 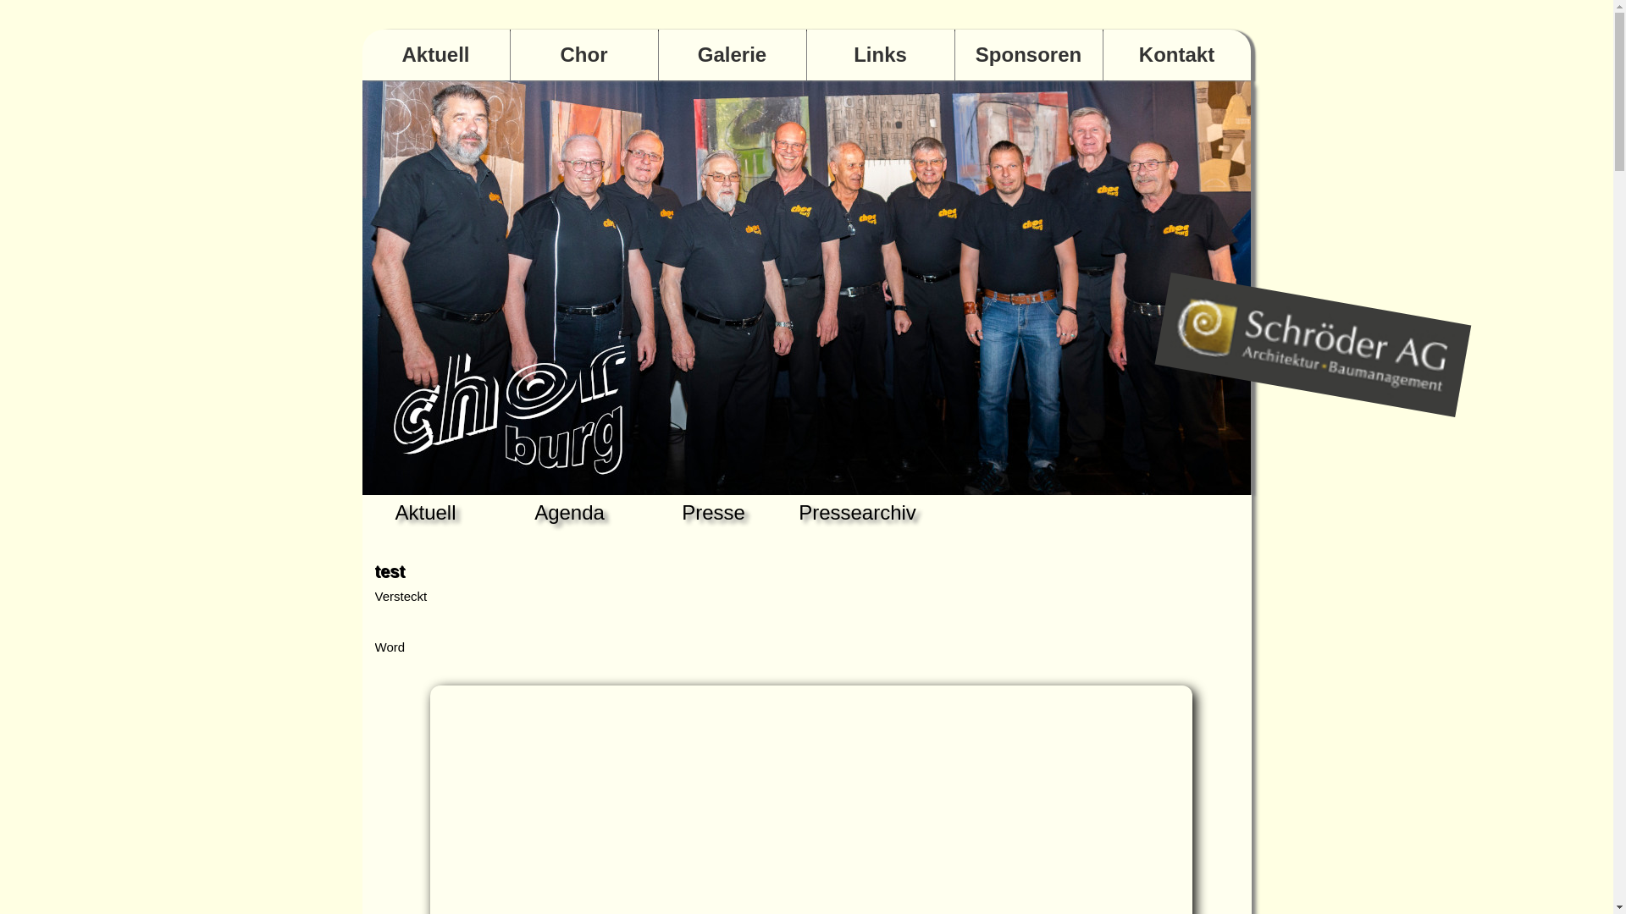 I want to click on 'Chor', so click(x=583, y=54).